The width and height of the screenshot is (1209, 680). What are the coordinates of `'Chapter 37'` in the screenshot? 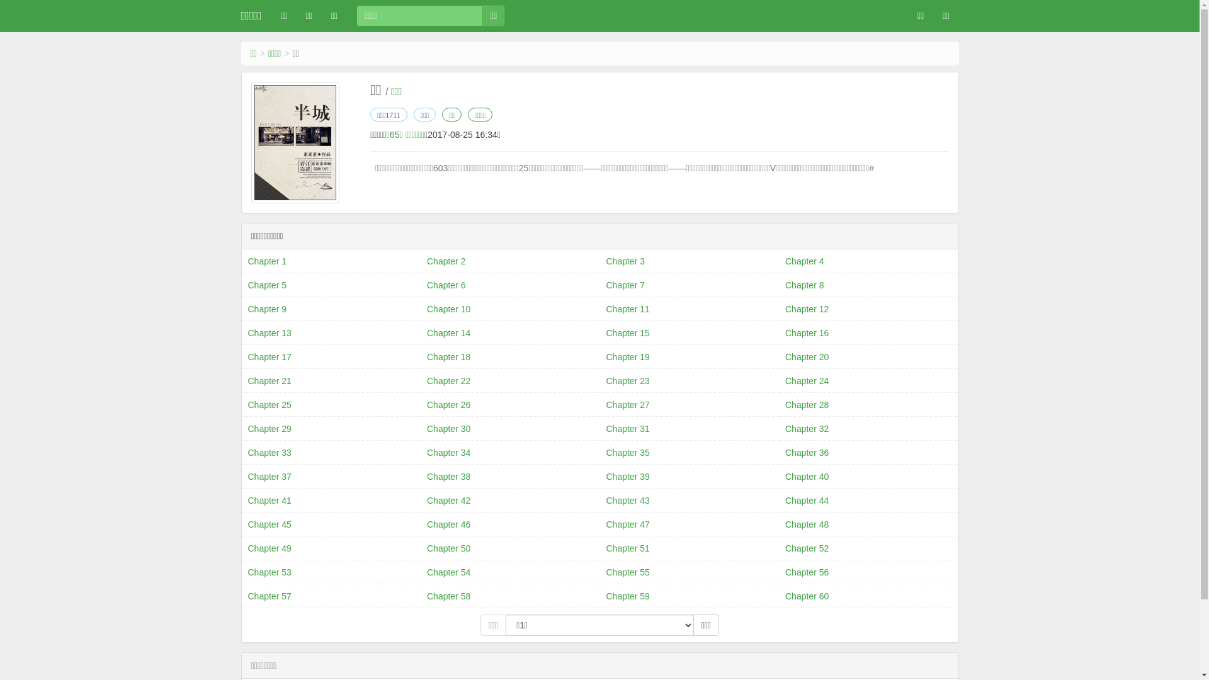 It's located at (247, 476).